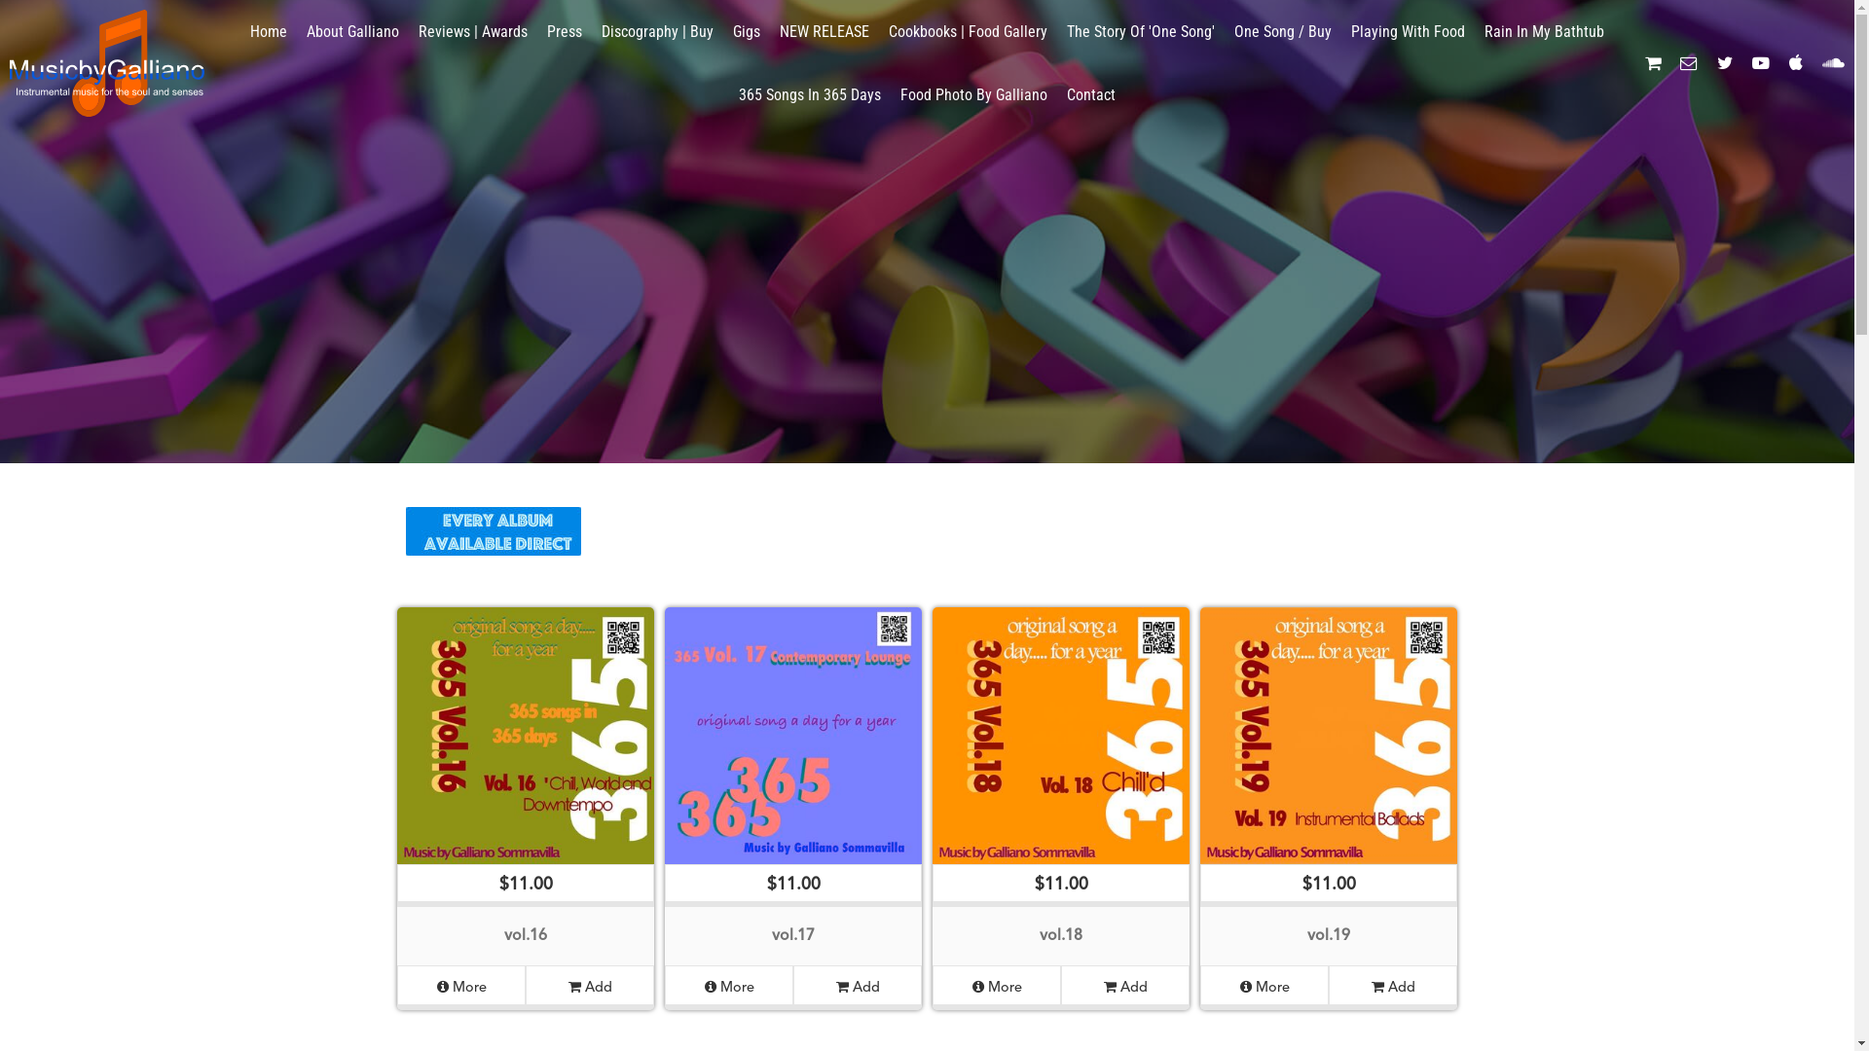 This screenshot has height=1051, width=1869. What do you see at coordinates (296, 30) in the screenshot?
I see `'About Galliano'` at bounding box center [296, 30].